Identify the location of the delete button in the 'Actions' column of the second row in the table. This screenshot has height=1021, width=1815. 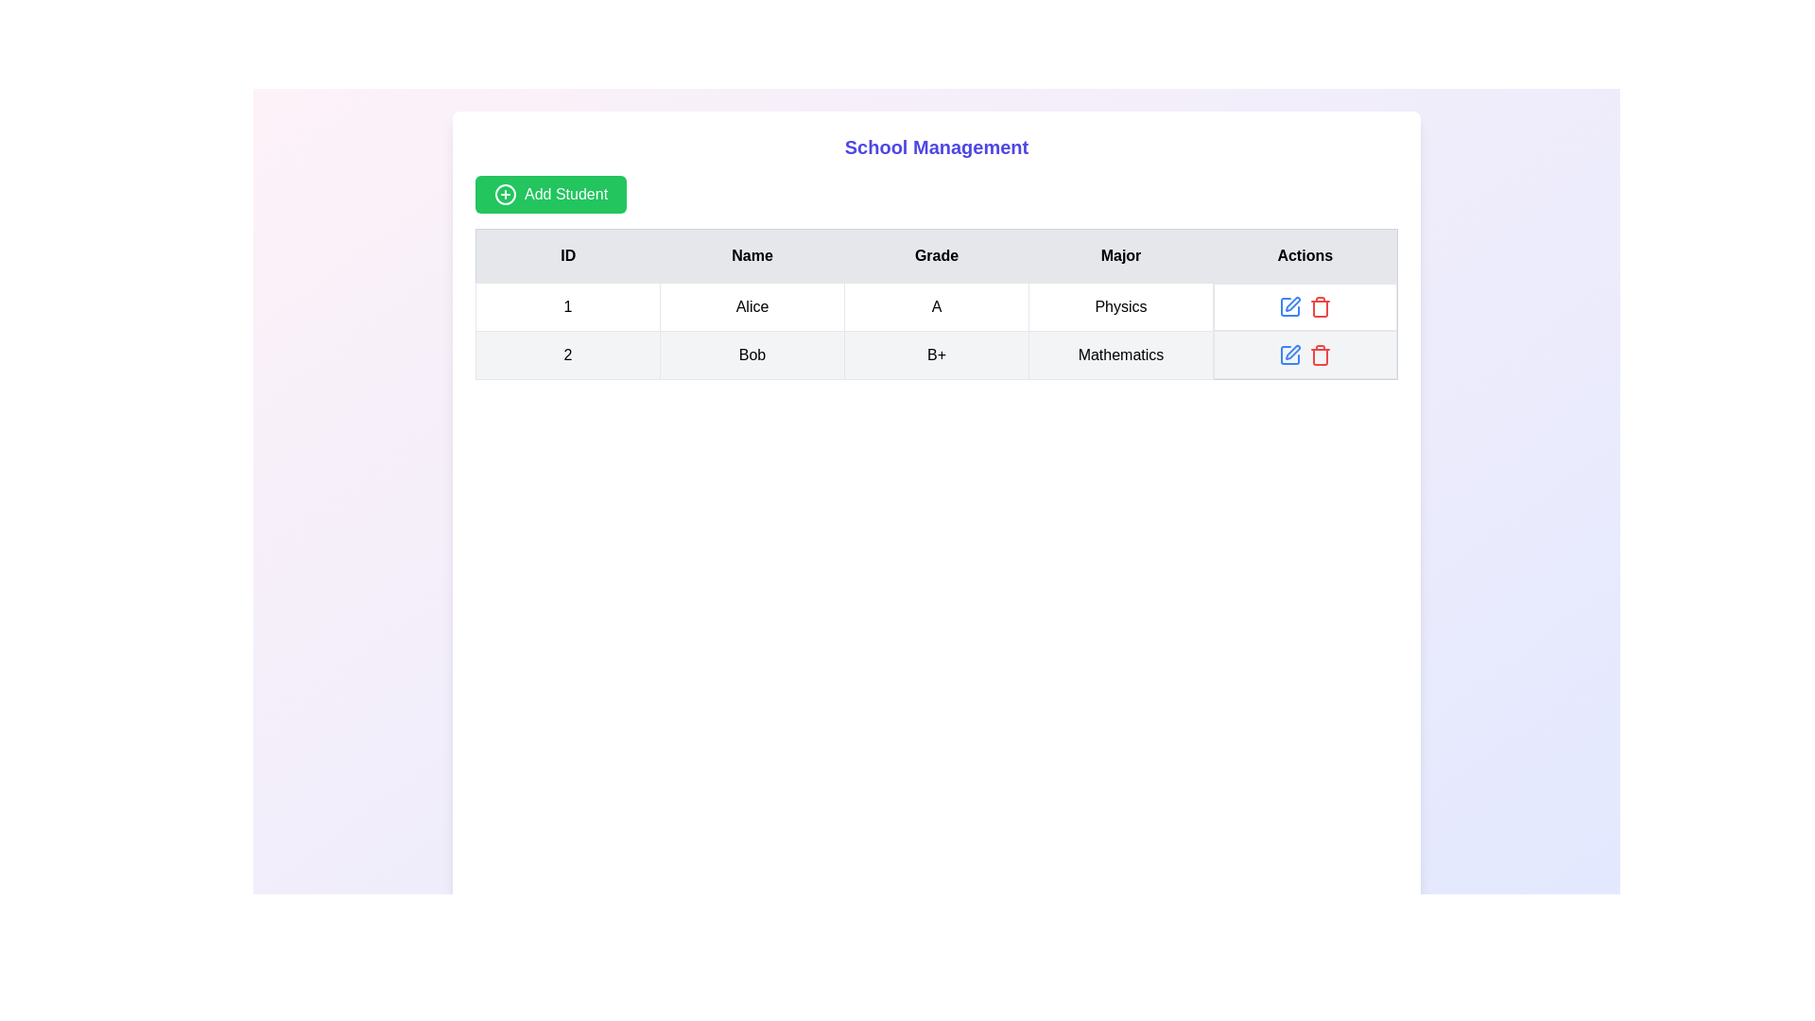
(1319, 305).